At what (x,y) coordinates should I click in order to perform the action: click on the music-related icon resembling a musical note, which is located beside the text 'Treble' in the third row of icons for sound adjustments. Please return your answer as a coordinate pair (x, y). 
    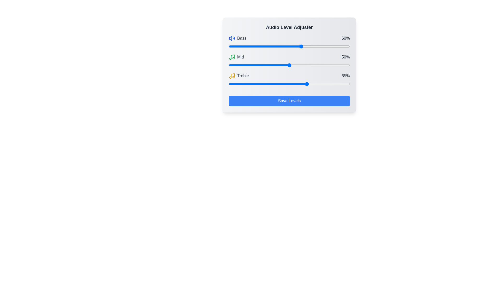
    Looking at the image, I should click on (232, 75).